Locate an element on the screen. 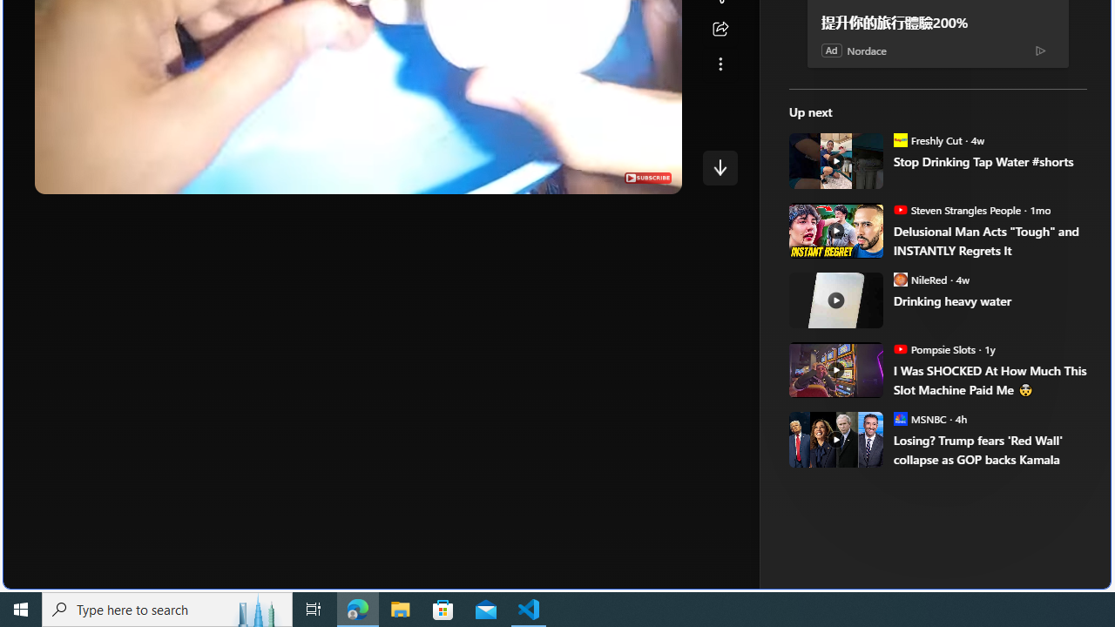  'Steven Strangles People Steven Strangles People' is located at coordinates (956, 208).